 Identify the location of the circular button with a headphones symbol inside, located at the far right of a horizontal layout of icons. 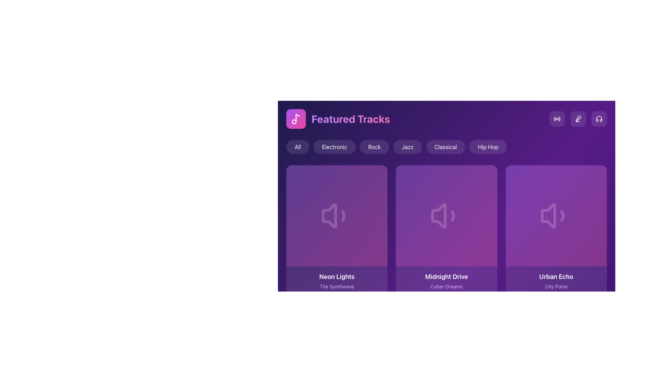
(599, 118).